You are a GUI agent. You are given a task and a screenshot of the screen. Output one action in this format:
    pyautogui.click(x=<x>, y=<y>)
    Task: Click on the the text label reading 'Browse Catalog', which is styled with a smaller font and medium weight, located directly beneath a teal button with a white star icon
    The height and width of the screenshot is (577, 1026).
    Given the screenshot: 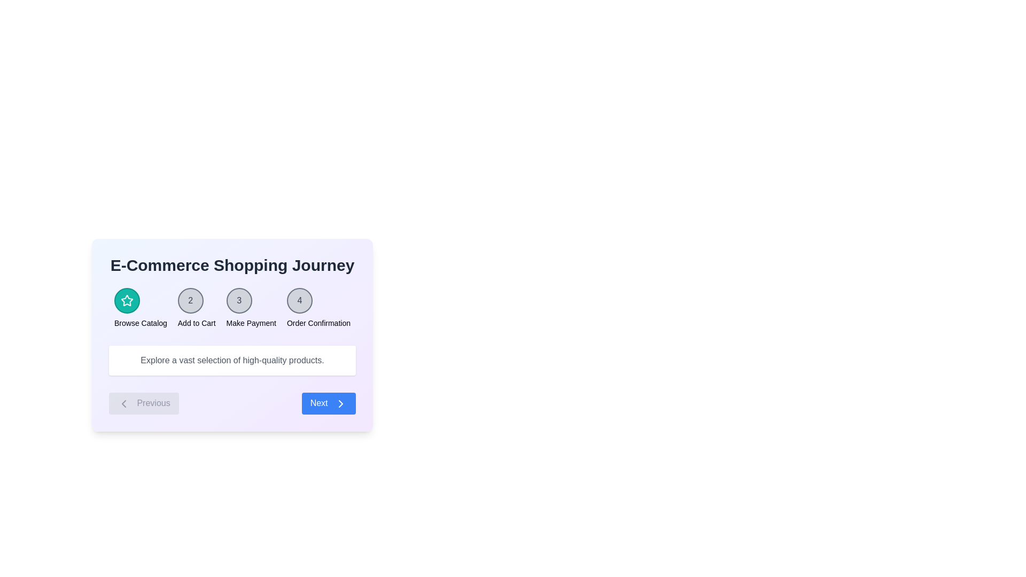 What is the action you would take?
    pyautogui.click(x=140, y=323)
    